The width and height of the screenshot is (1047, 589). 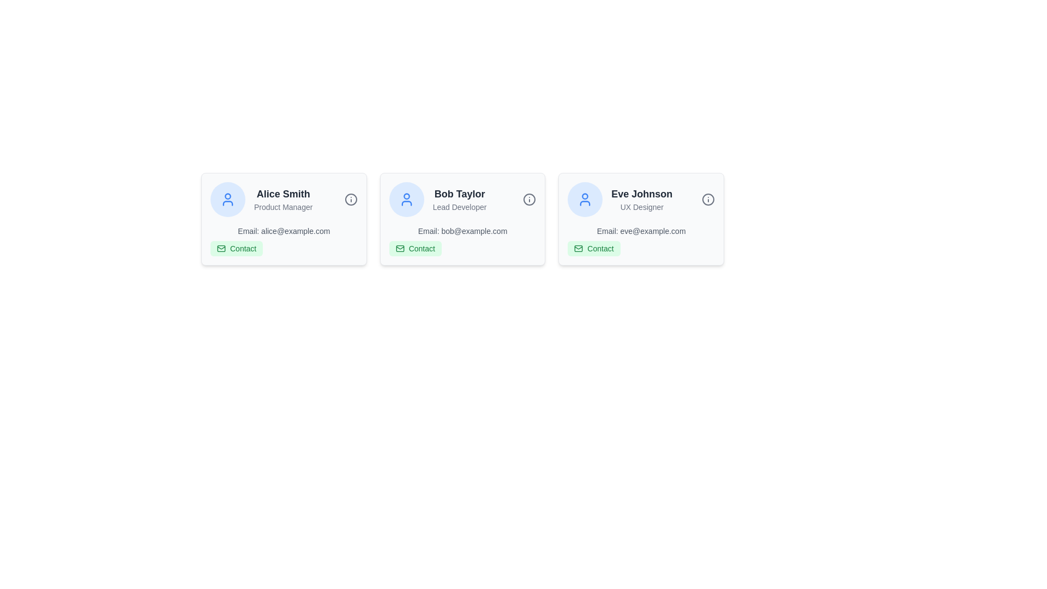 I want to click on the static text label displaying the name 'Alice Smith' which is prominently positioned at the top of a card layout, so click(x=283, y=193).